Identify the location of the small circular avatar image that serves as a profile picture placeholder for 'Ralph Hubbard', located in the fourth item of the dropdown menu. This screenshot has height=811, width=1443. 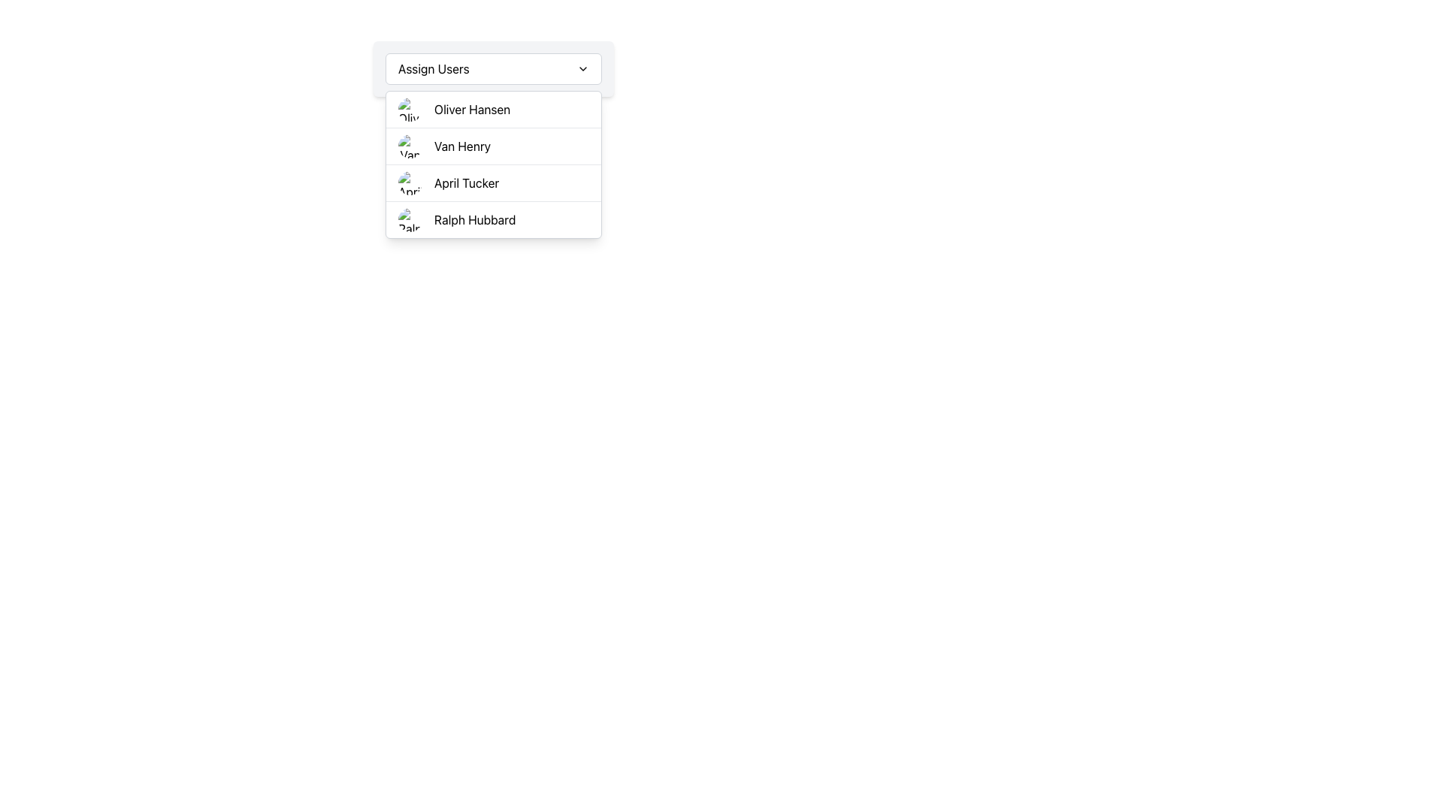
(410, 220).